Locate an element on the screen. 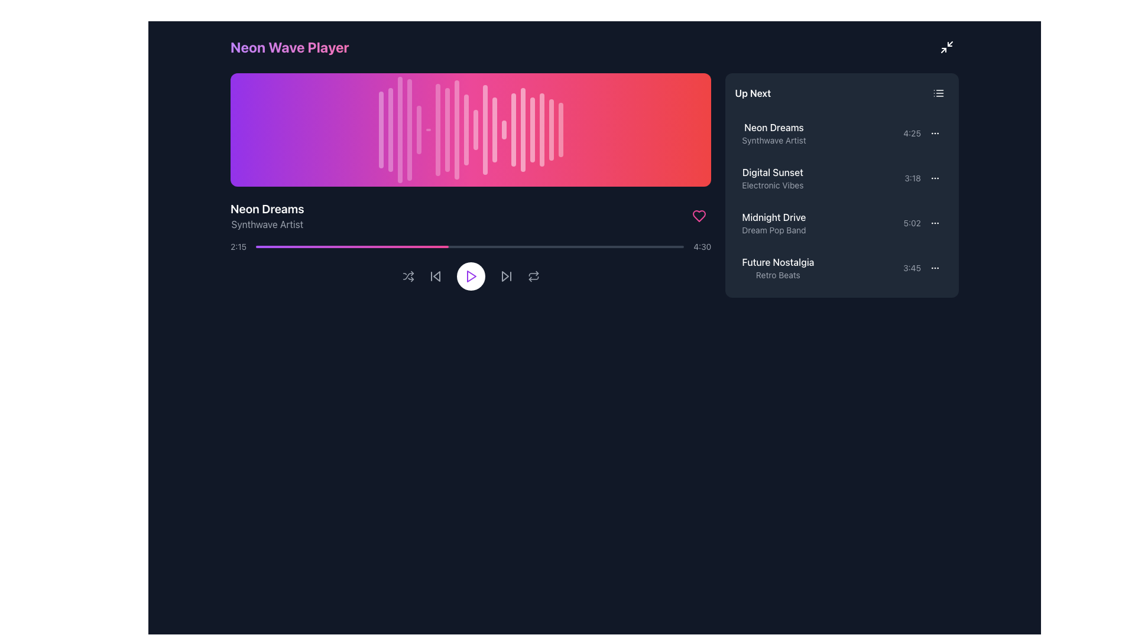 The image size is (1135, 638). the title of the second music track in the 'Up Next' section of the playlist interface, which is positioned between 'Neon Dreams' and 'Midnight Drive.' is located at coordinates (773, 172).